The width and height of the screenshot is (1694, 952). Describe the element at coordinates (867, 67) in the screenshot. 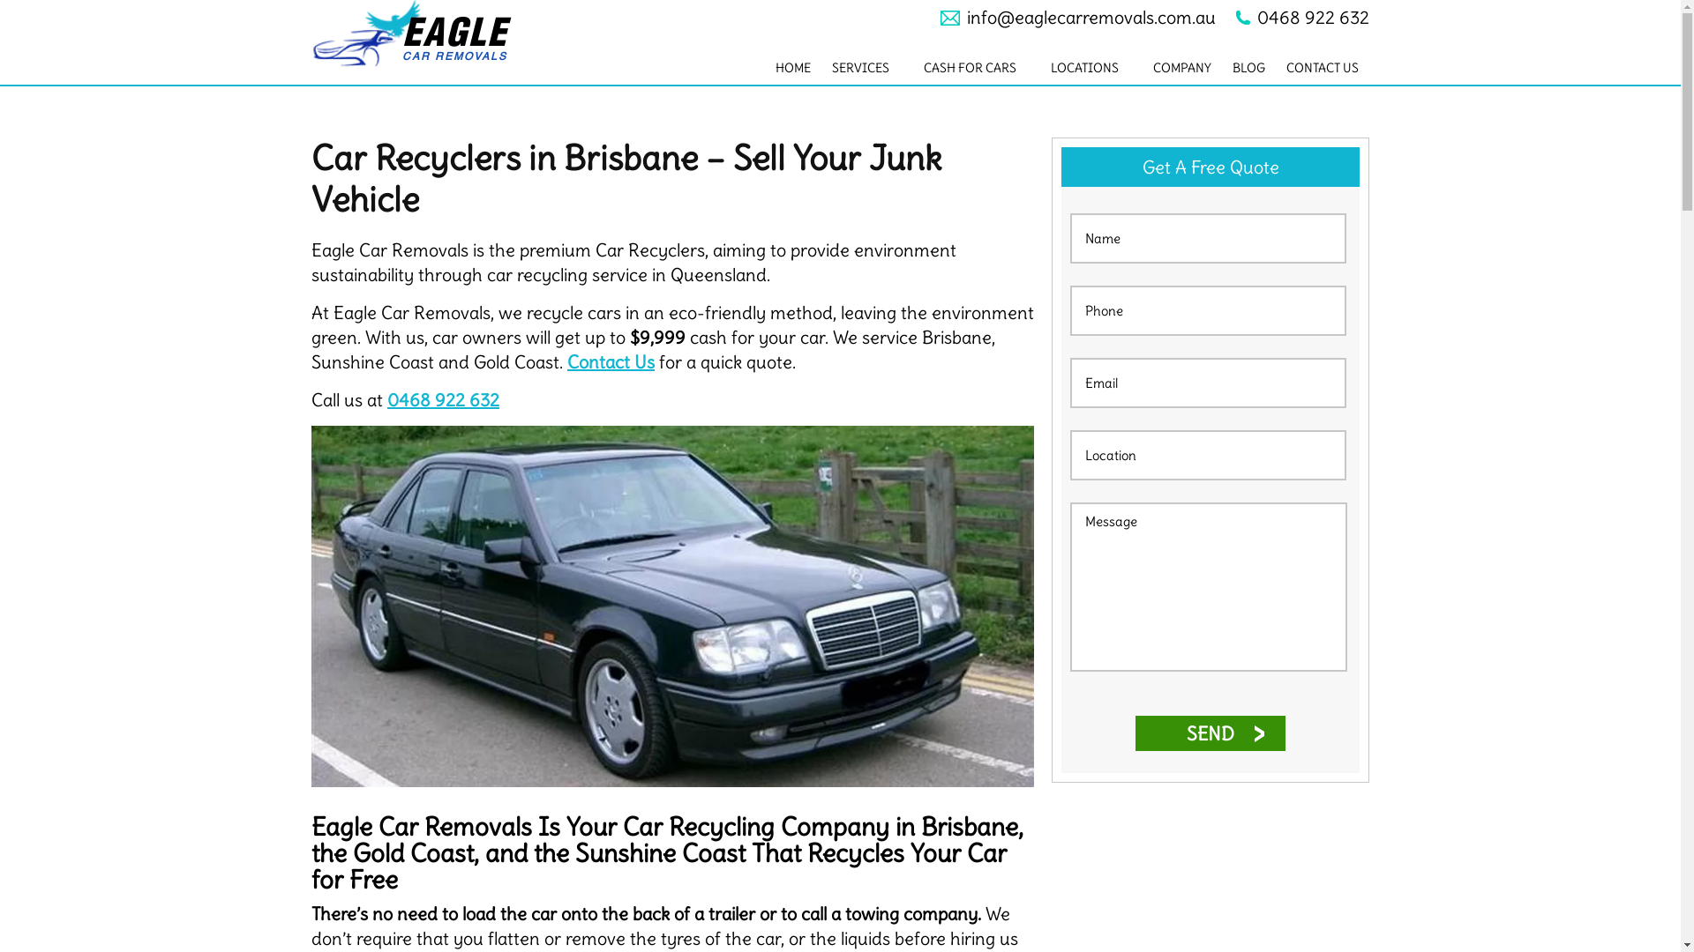

I see `'SERVICES'` at that location.